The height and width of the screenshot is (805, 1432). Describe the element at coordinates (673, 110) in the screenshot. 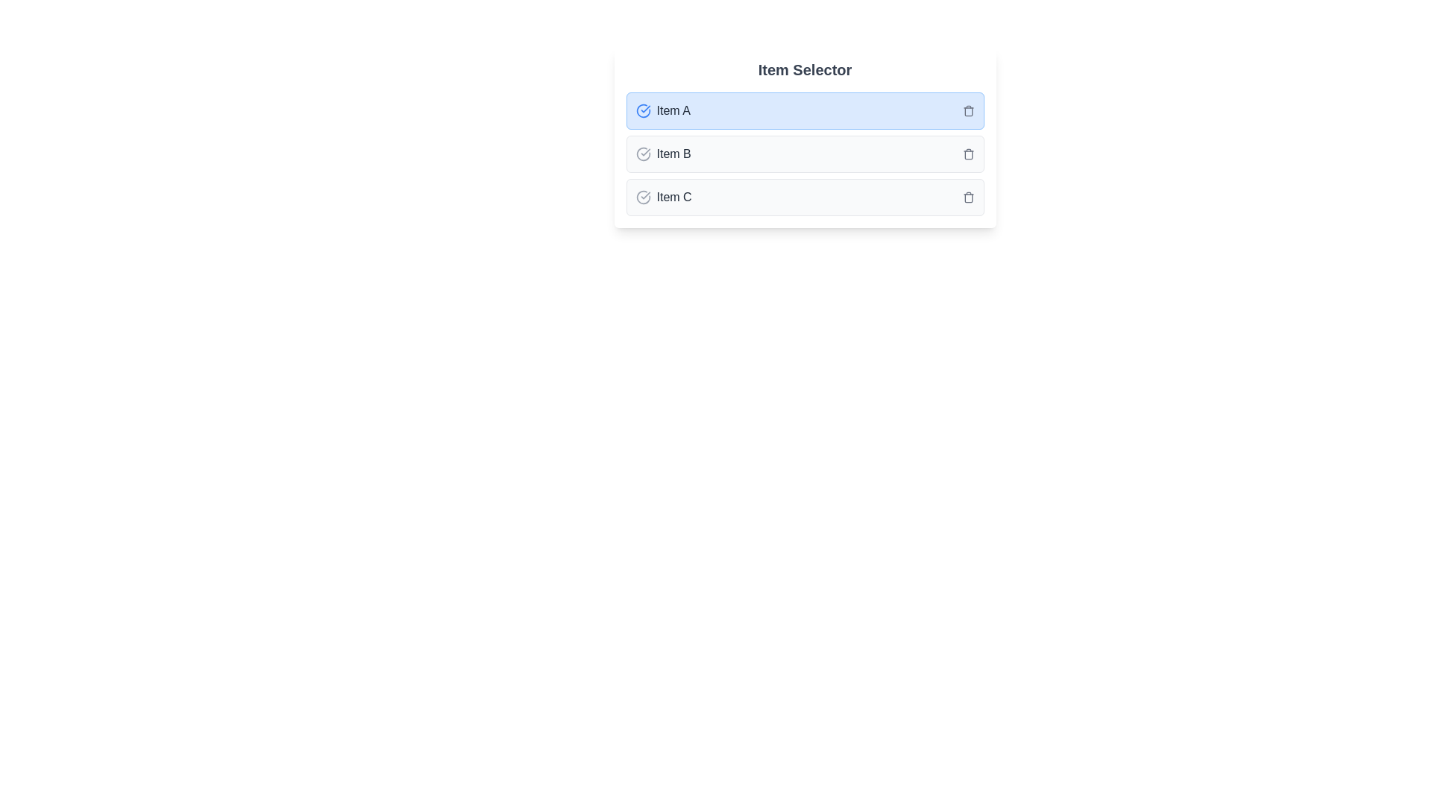

I see `the text label displaying 'Item A' located in the first row of a vertical list with a blue background, adjacent to a check icon` at that location.